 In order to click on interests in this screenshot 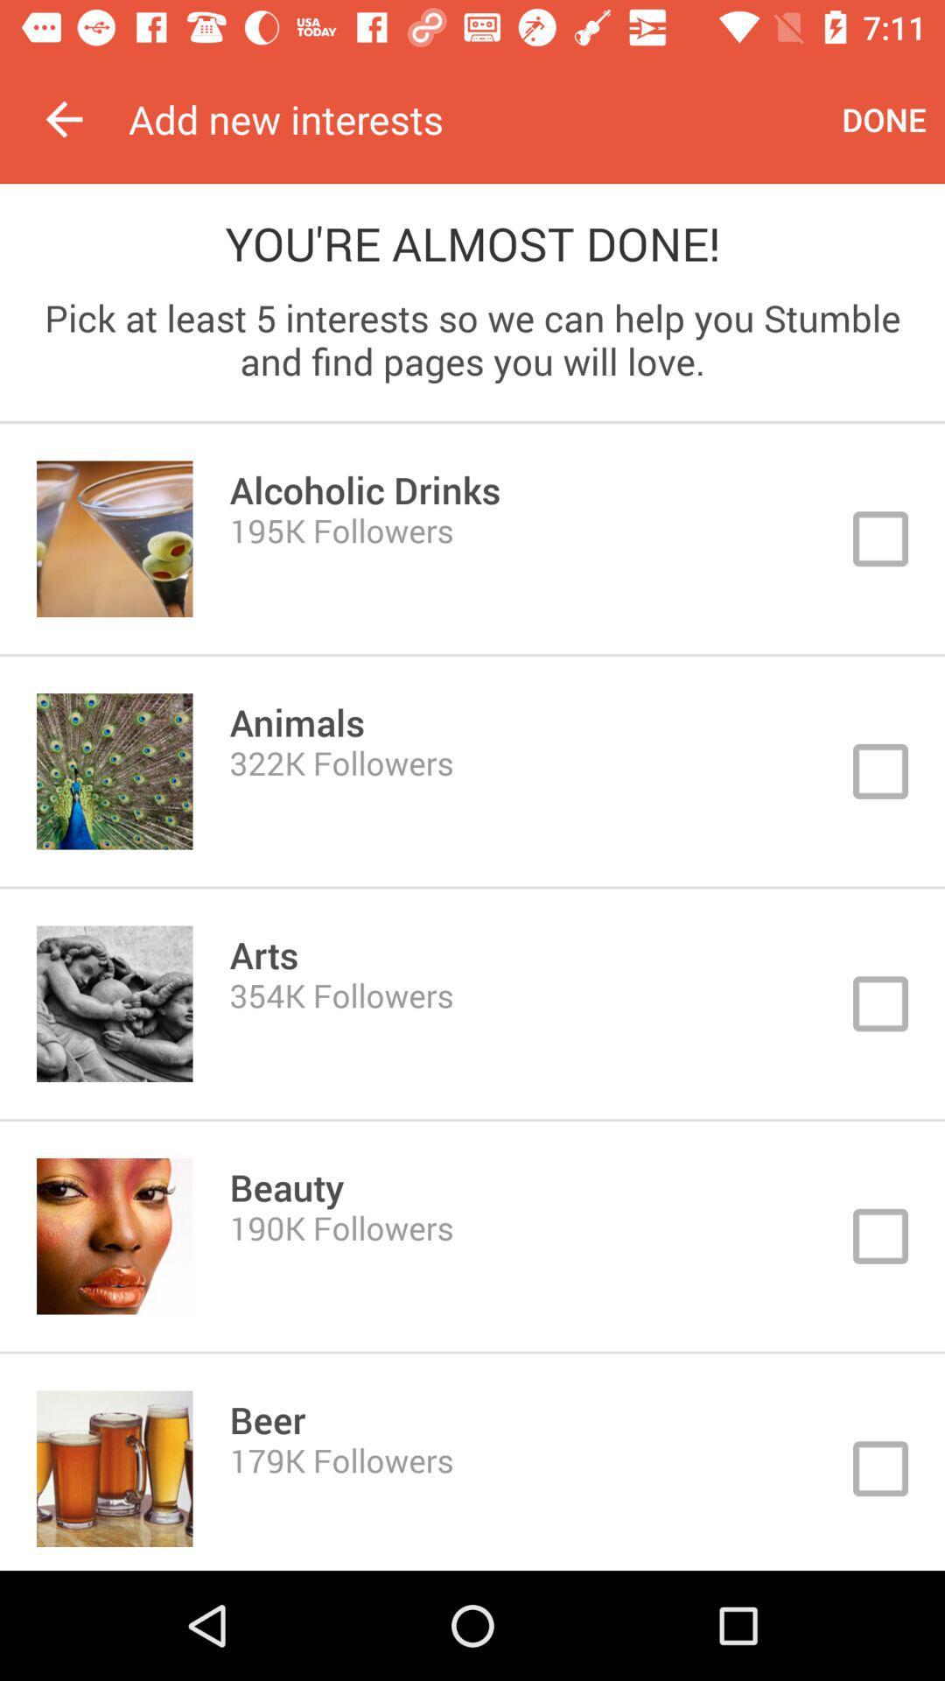, I will do `click(472, 770)`.